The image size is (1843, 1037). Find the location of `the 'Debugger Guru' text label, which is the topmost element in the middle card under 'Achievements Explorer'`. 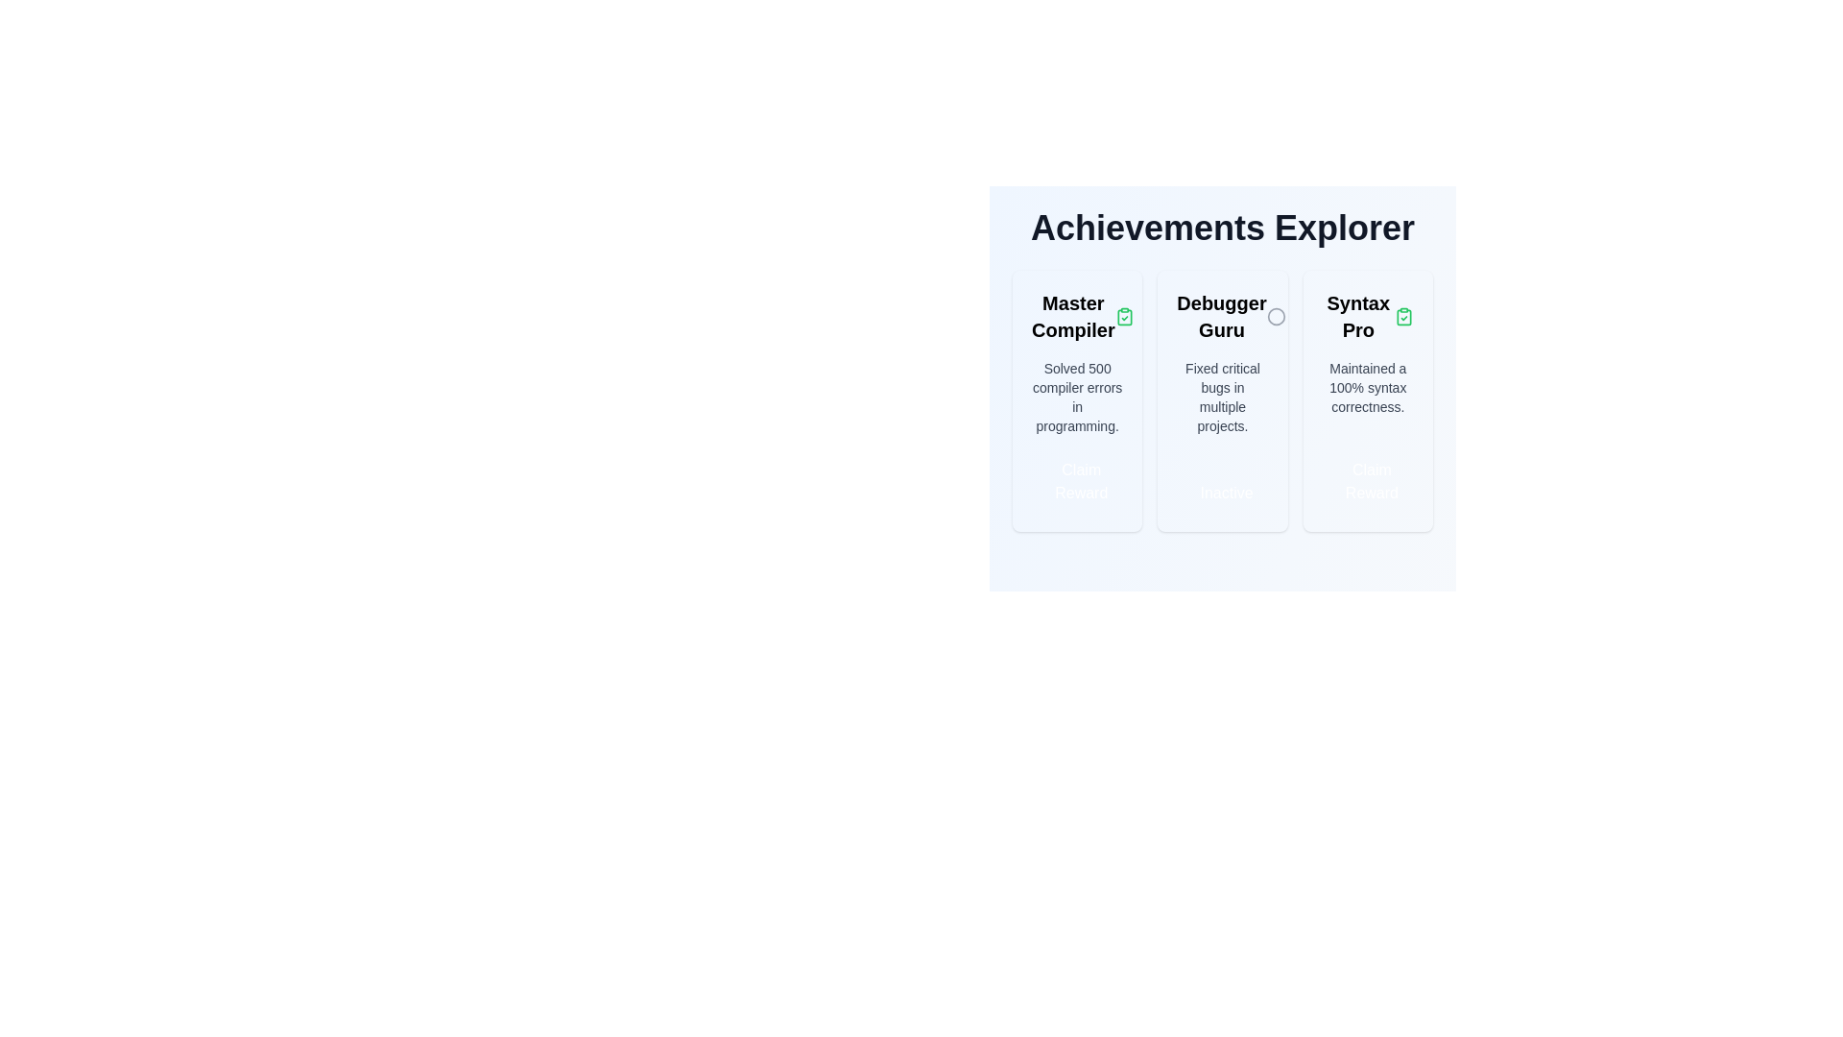

the 'Debugger Guru' text label, which is the topmost element in the middle card under 'Achievements Explorer' is located at coordinates (1221, 316).